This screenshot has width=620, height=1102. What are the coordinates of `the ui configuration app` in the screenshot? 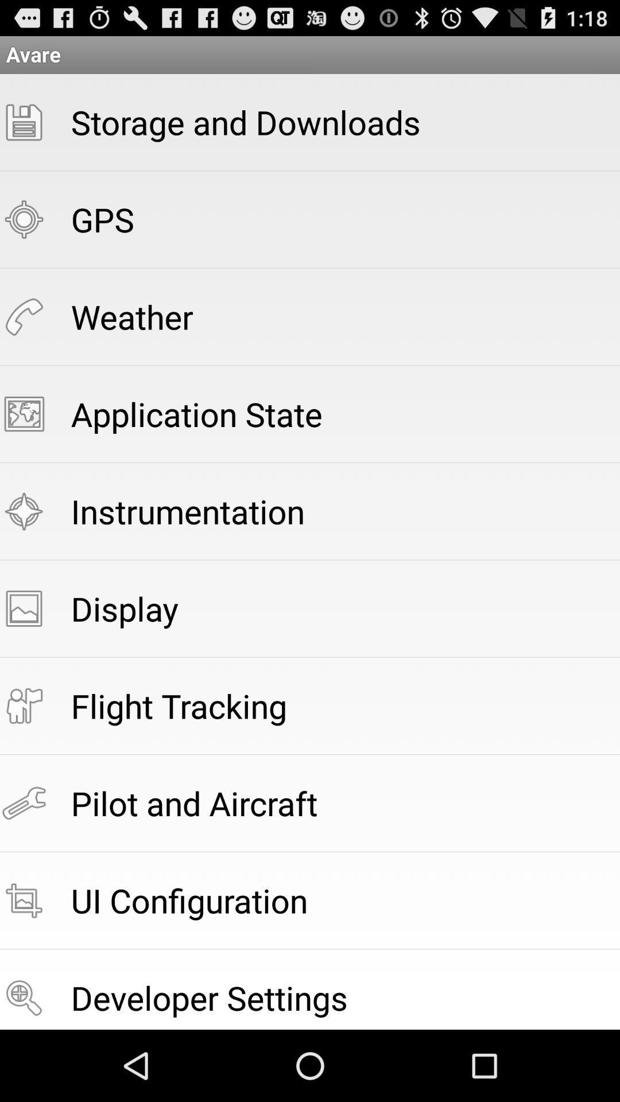 It's located at (189, 899).